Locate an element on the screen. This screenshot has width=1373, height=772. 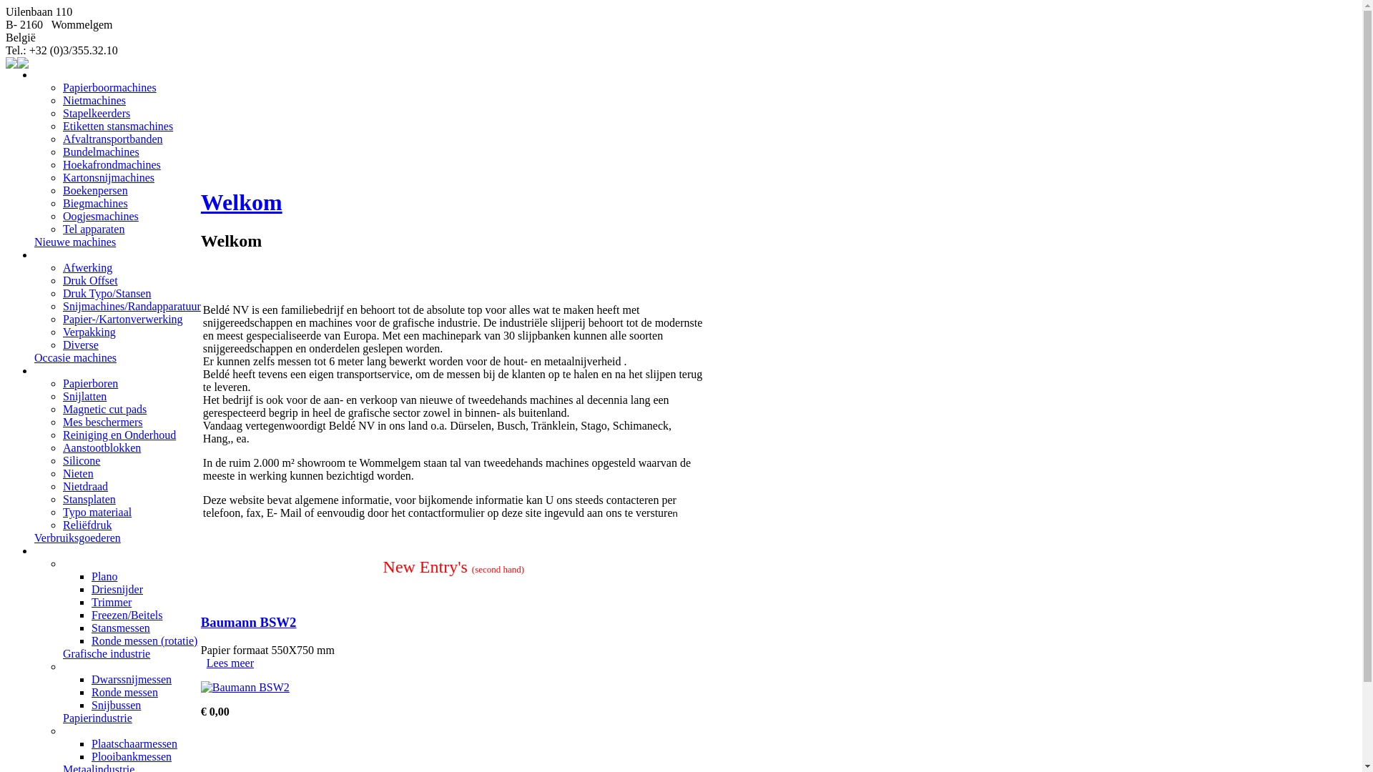
'Druk Offset' is located at coordinates (89, 280).